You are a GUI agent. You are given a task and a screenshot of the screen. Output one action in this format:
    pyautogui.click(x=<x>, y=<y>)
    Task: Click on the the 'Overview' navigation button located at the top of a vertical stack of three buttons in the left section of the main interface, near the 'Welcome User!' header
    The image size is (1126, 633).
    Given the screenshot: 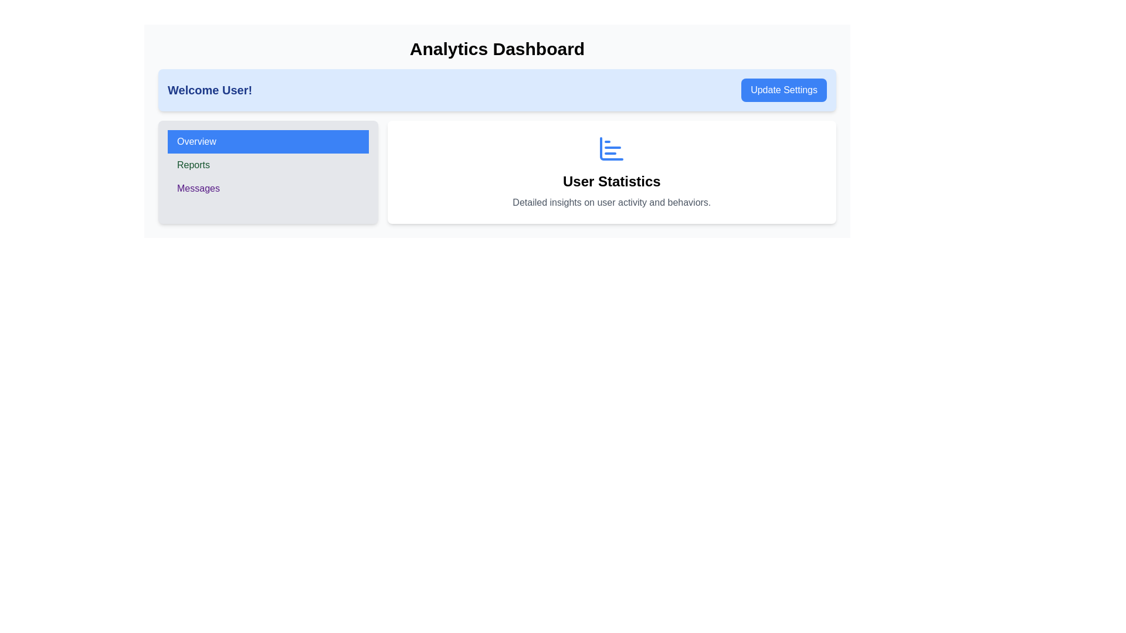 What is the action you would take?
    pyautogui.click(x=267, y=141)
    